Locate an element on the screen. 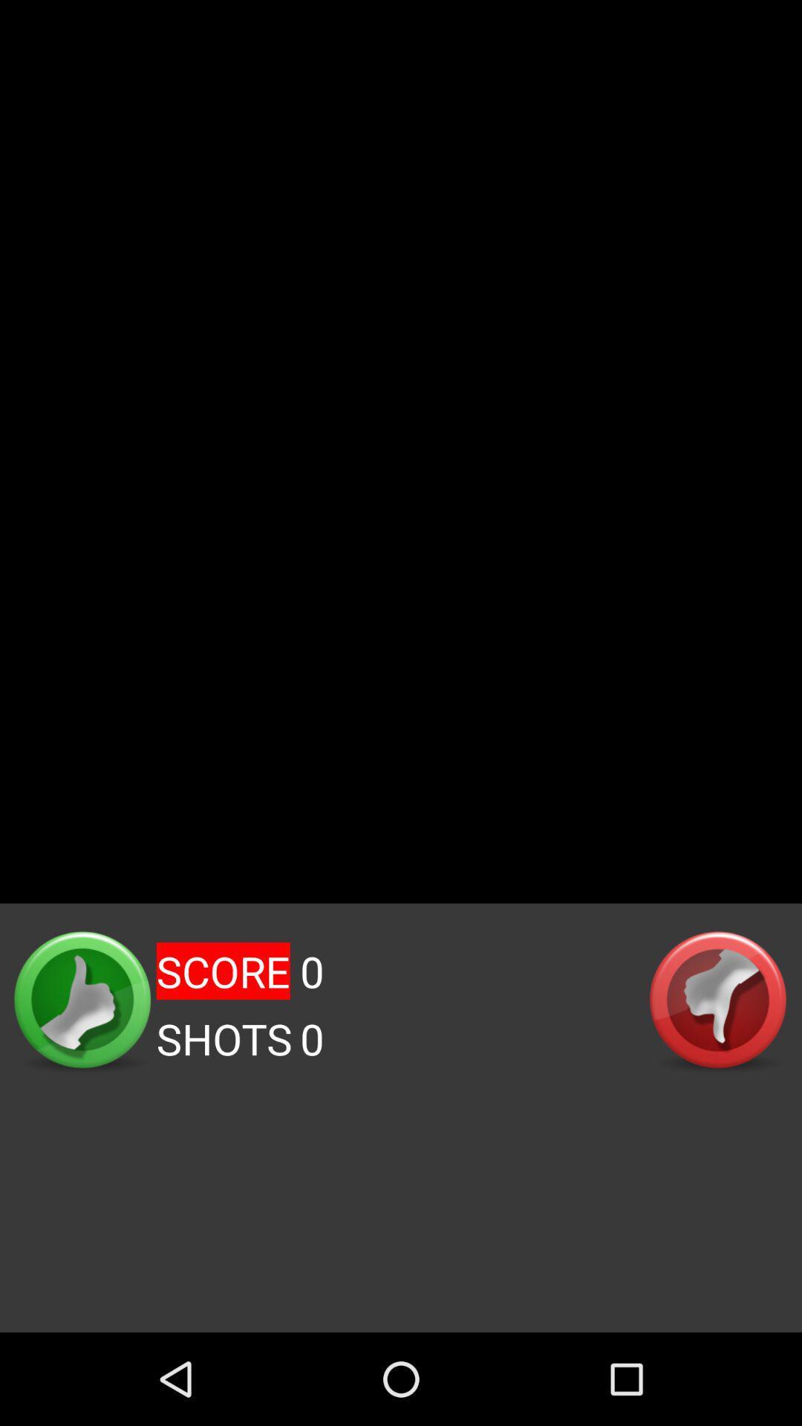  the navigation icon is located at coordinates (717, 1071).